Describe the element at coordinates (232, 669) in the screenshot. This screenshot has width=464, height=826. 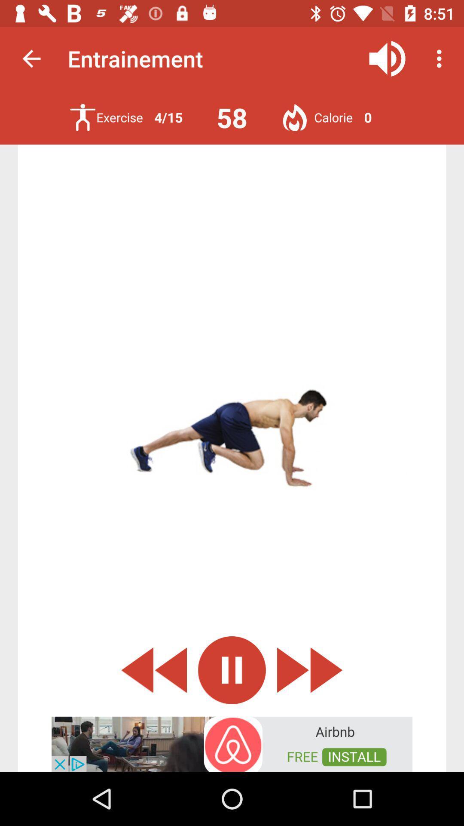
I see `stop` at that location.